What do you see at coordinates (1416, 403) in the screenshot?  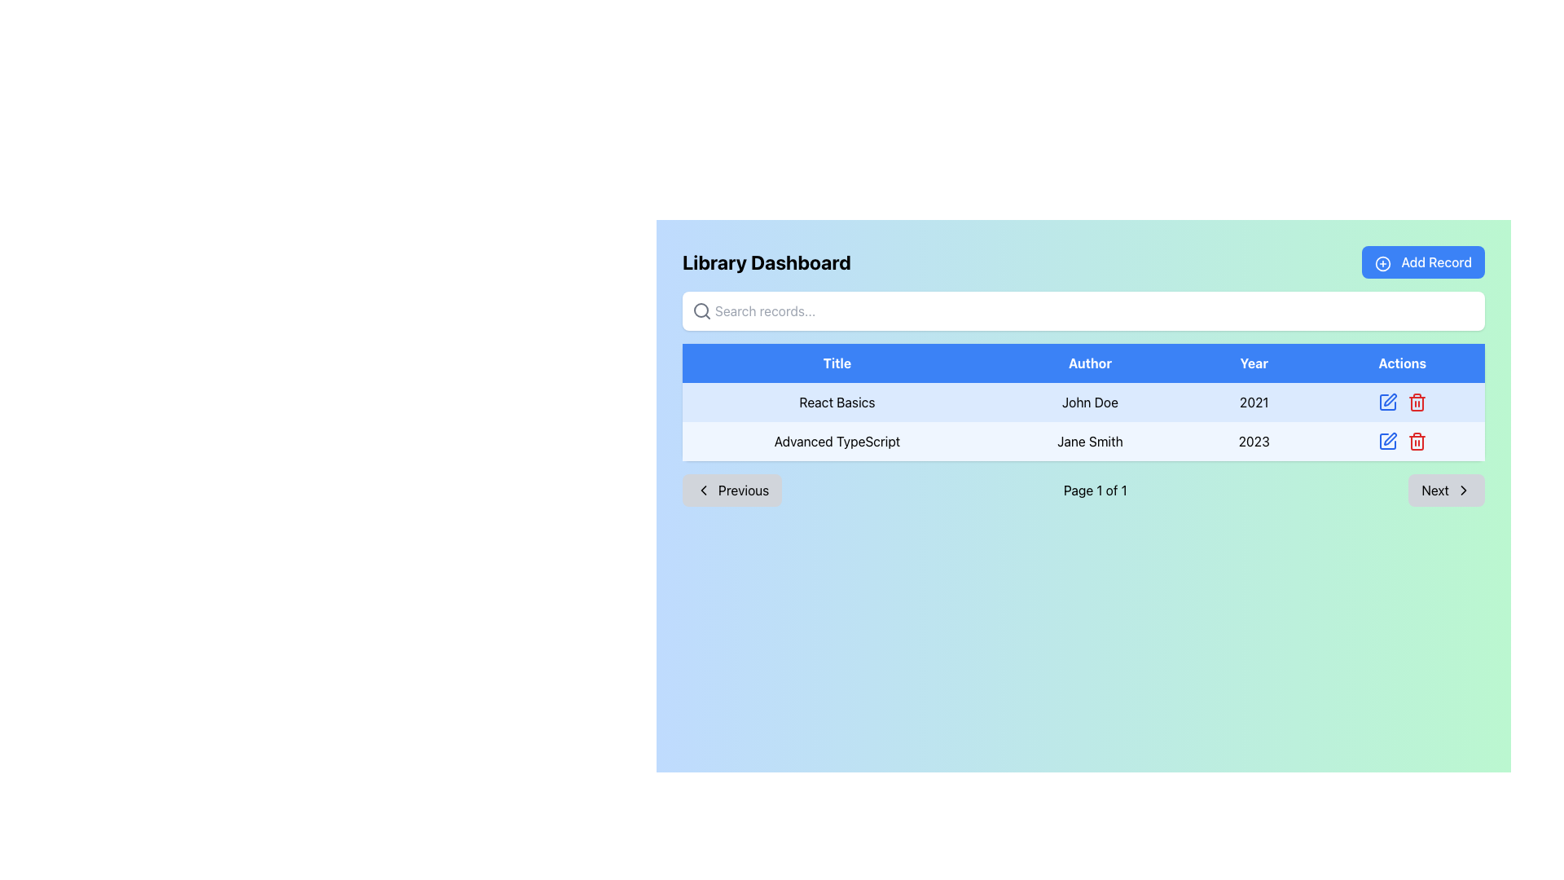 I see `the trash can icon in the 'Actions' column for 'React Basics, John Doe, 2021'` at bounding box center [1416, 403].